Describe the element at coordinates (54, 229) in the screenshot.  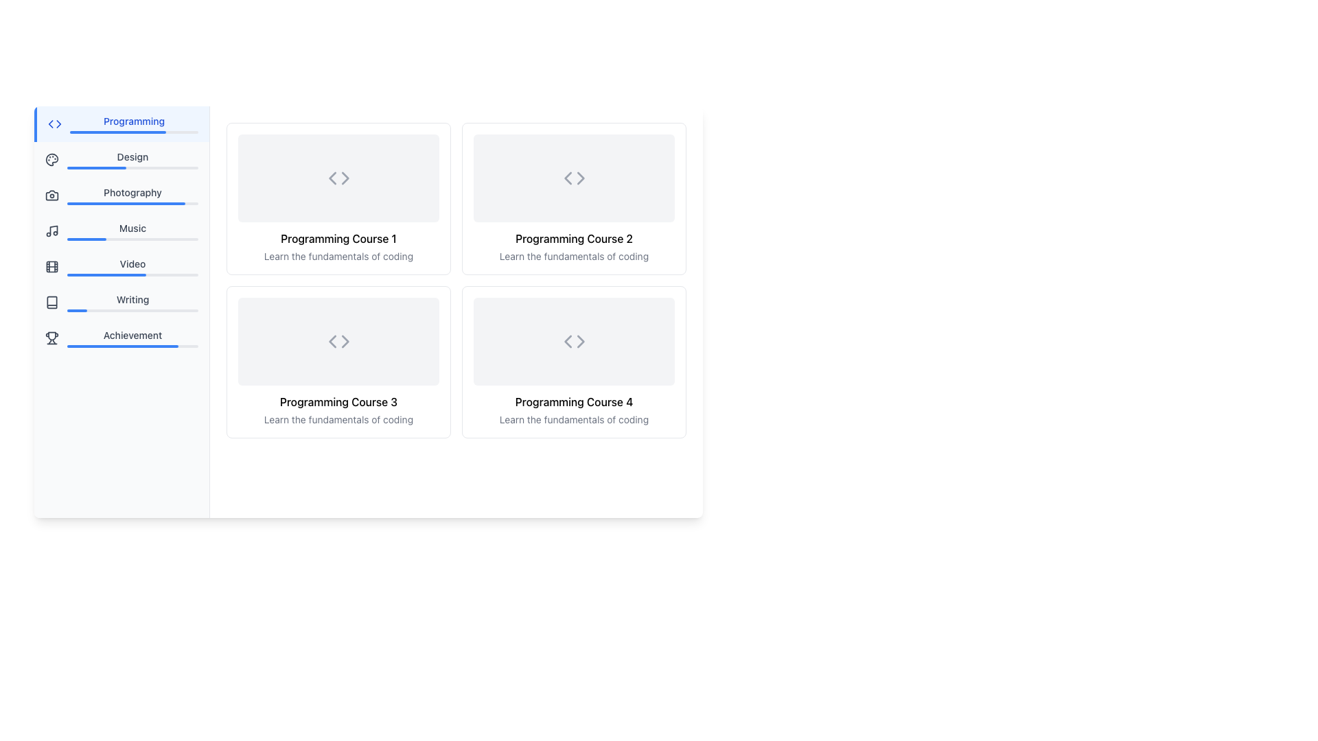
I see `the 'Music' menu item by clicking on the musical note icon, which is the fourth item from the top in the vertical menu on the far left` at that location.